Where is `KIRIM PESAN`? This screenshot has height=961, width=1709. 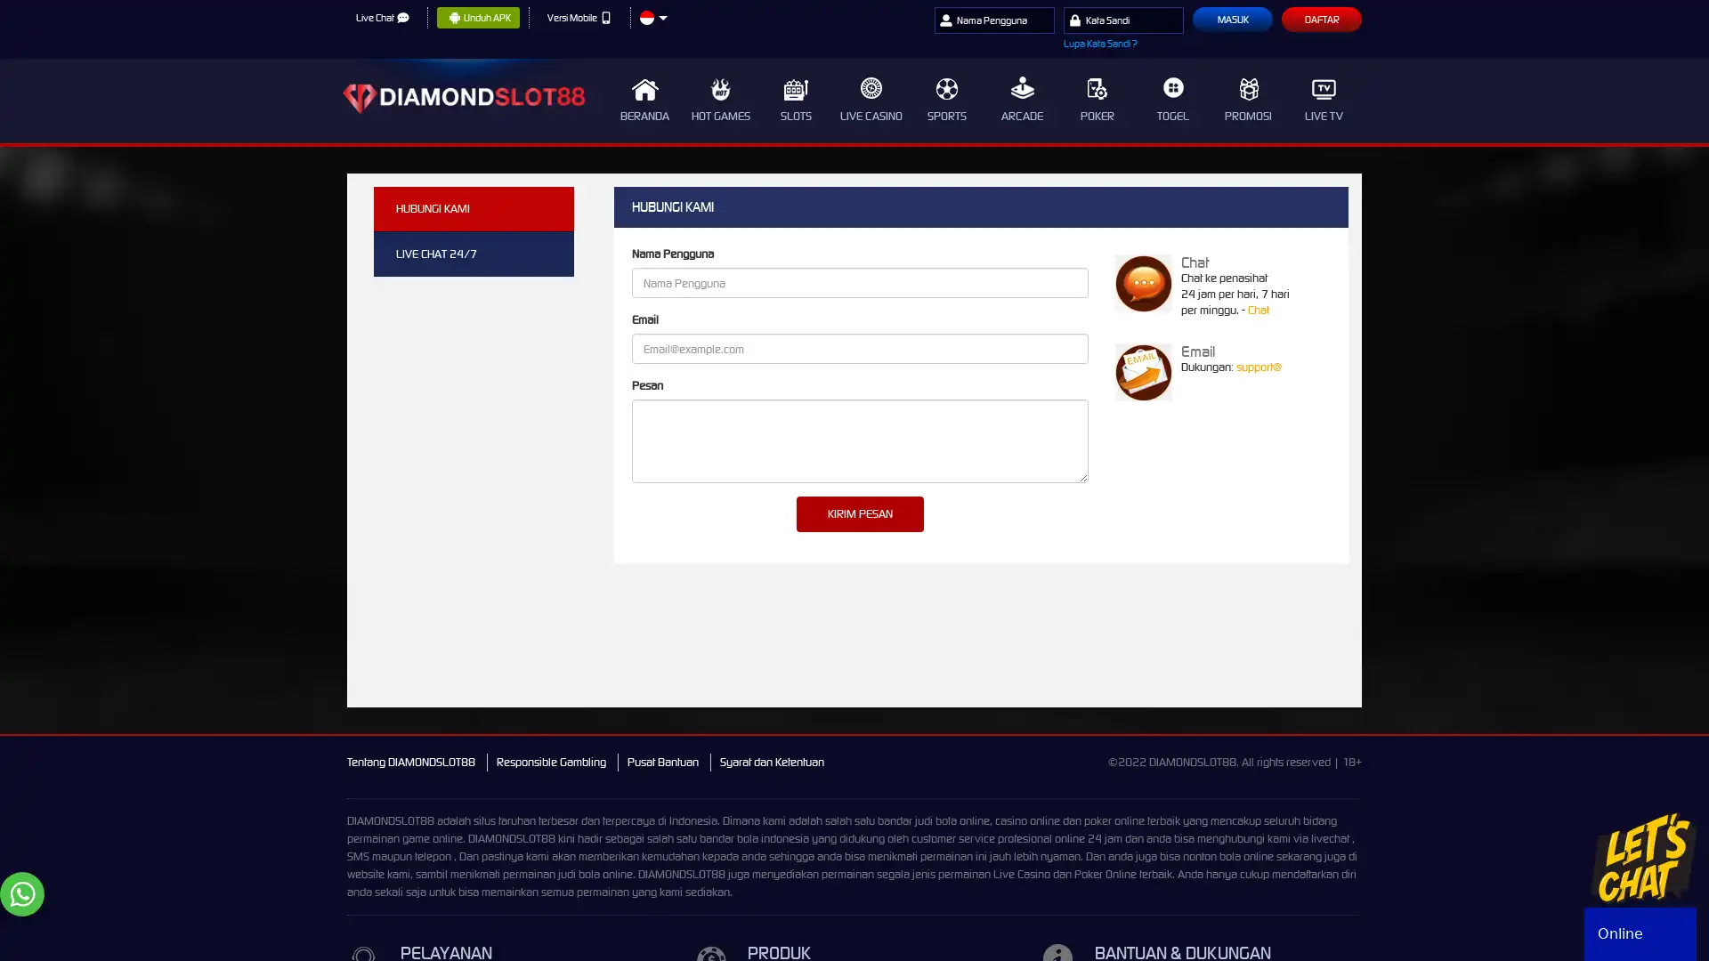 KIRIM PESAN is located at coordinates (860, 514).